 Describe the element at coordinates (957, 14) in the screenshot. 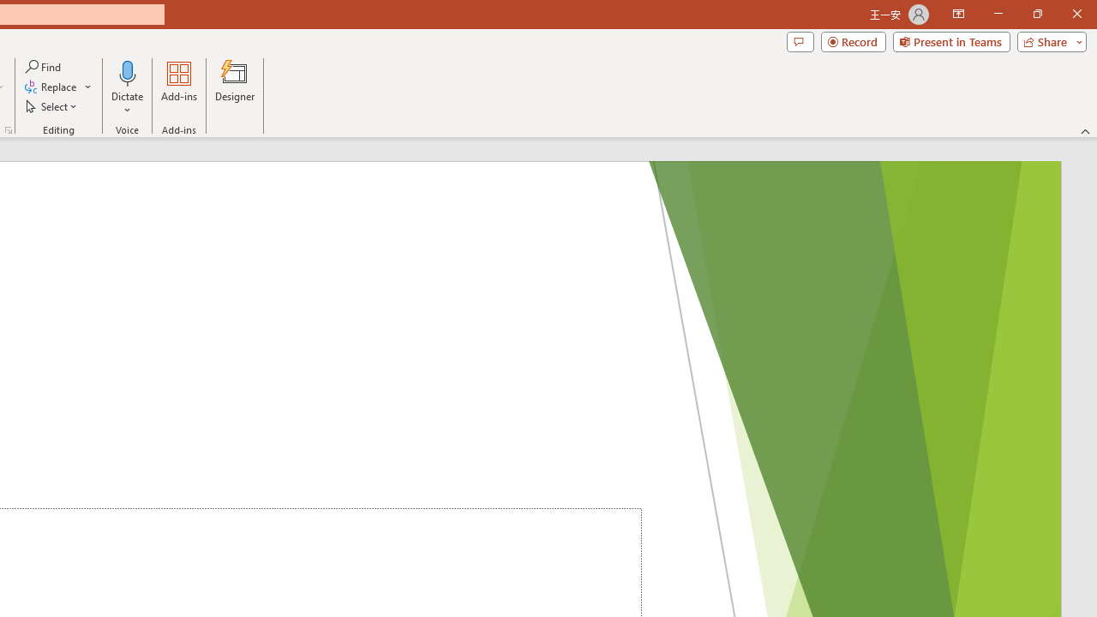

I see `'Ribbon Display Options'` at that location.